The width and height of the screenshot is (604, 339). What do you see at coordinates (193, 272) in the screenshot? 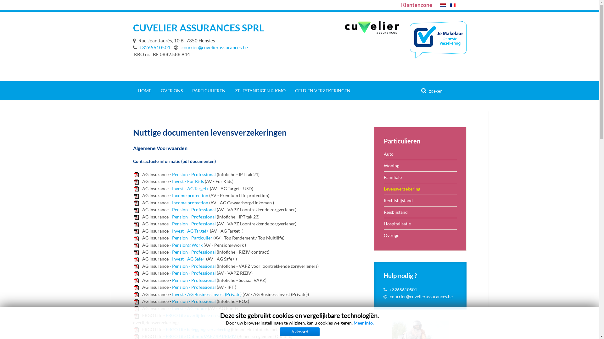
I see `'Pension - Professional'` at bounding box center [193, 272].